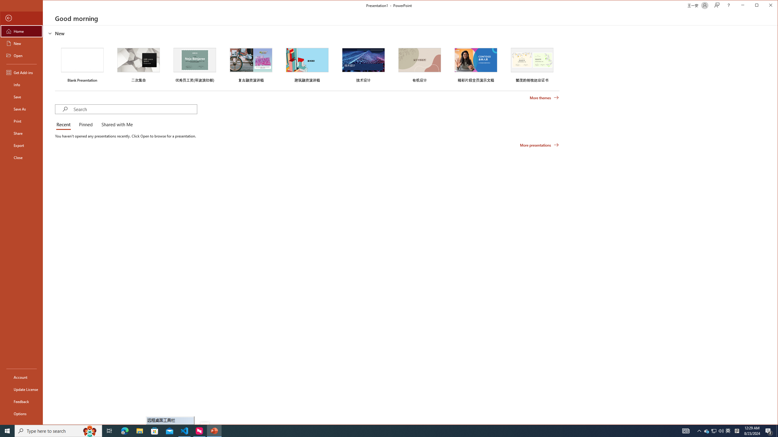 The height and width of the screenshot is (437, 778). What do you see at coordinates (21, 72) in the screenshot?
I see `'Get Add-ins'` at bounding box center [21, 72].